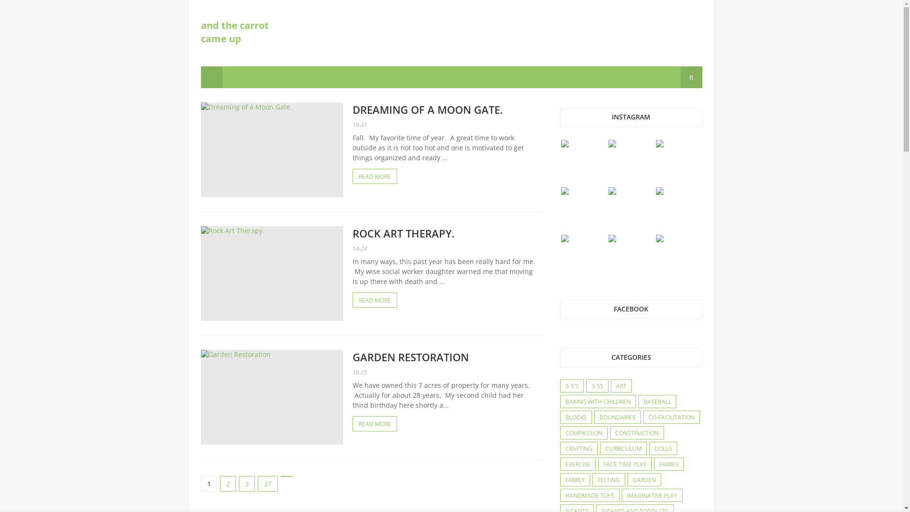 This screenshot has width=910, height=512. What do you see at coordinates (374, 300) in the screenshot?
I see `'READ MORE'` at bounding box center [374, 300].